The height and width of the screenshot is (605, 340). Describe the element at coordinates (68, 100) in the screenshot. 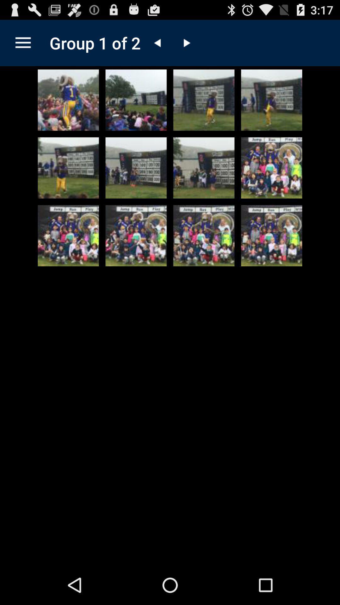

I see `look at the image` at that location.